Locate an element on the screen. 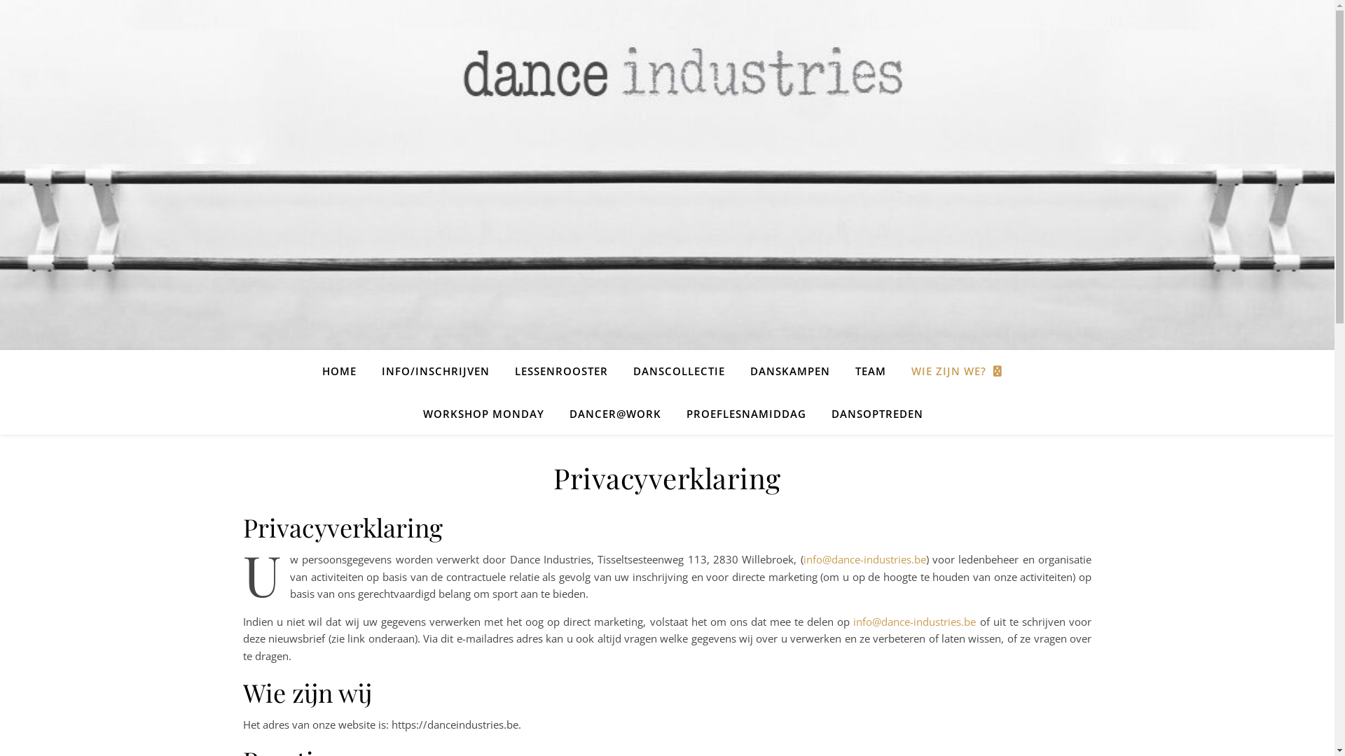  'DANSKAMPEN' is located at coordinates (789, 370).